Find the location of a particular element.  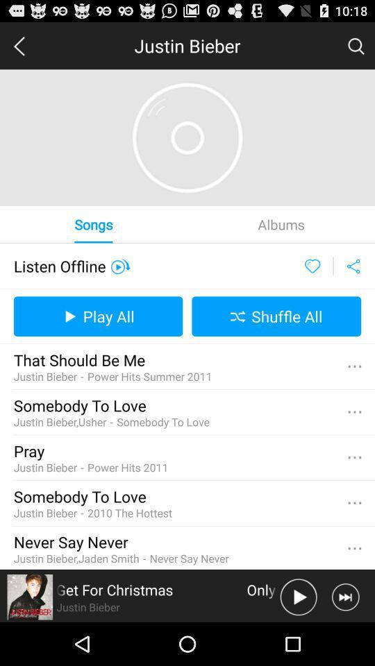

the skip_next icon is located at coordinates (344, 639).